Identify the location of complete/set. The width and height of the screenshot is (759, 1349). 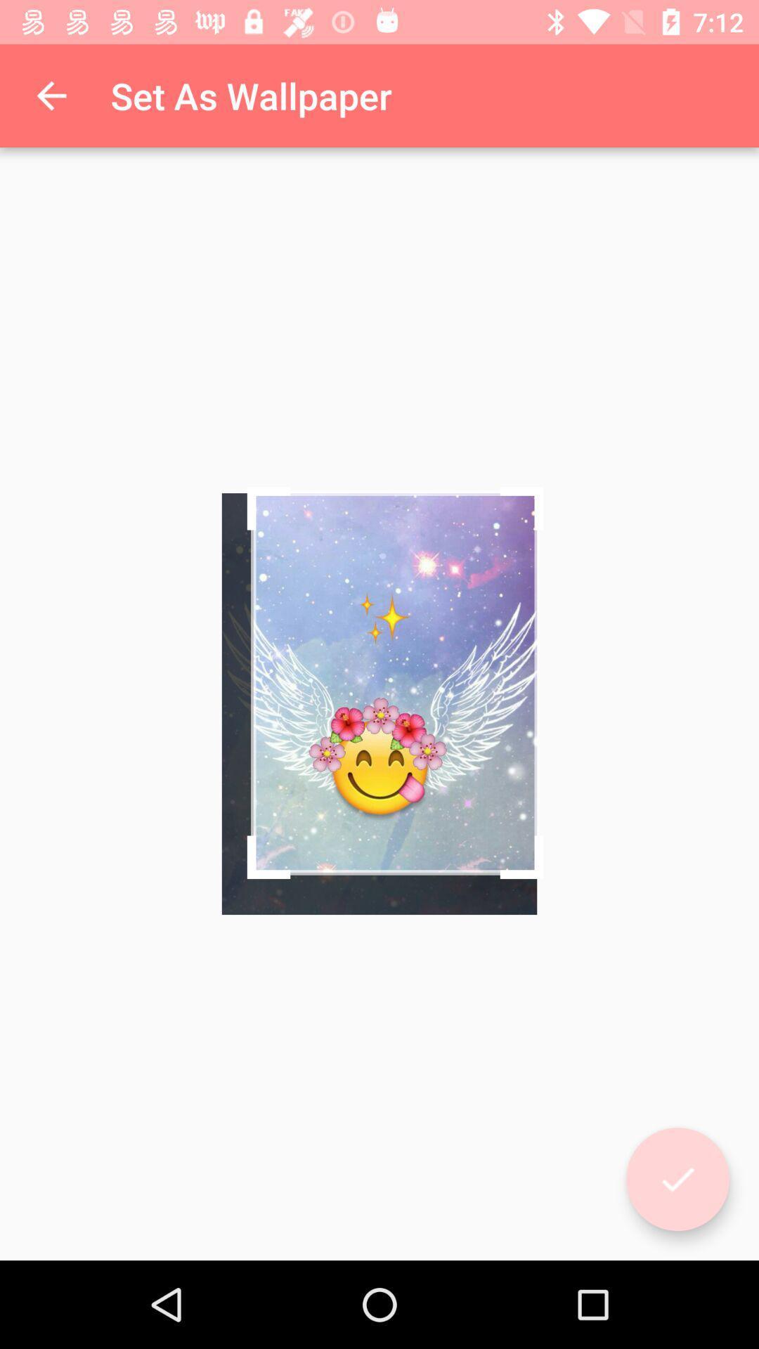
(677, 1179).